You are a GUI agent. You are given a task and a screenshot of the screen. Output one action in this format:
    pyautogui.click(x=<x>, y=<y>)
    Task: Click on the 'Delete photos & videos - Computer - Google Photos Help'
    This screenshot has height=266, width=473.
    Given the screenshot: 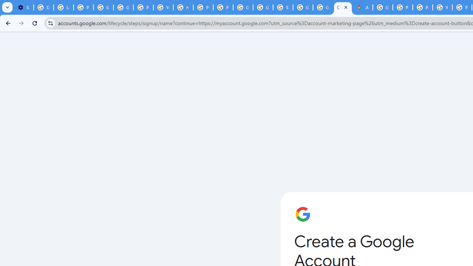 What is the action you would take?
    pyautogui.click(x=43, y=7)
    